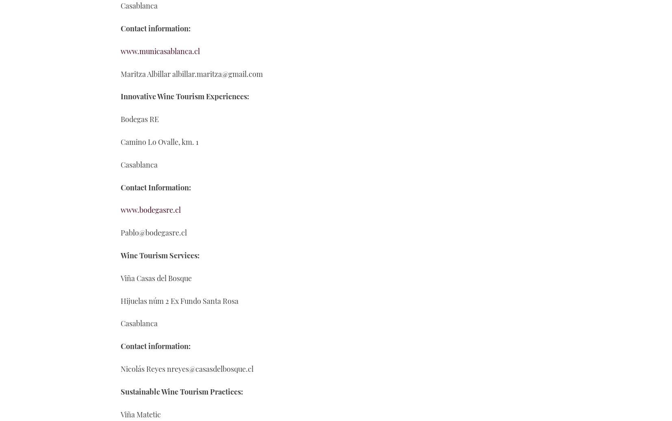  What do you see at coordinates (159, 142) in the screenshot?
I see `'Camino Lo Ovalle, km. 1'` at bounding box center [159, 142].